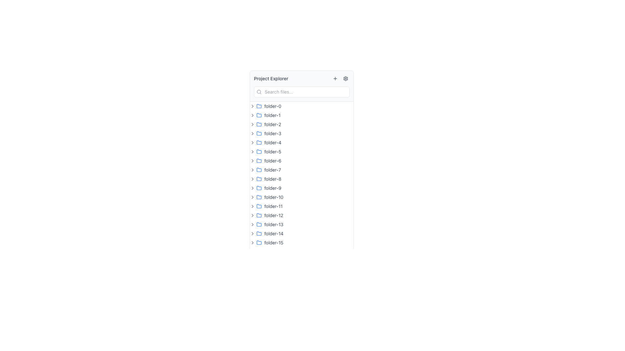  Describe the element at coordinates (272, 170) in the screenshot. I see `the text label 'folder-7'` at that location.